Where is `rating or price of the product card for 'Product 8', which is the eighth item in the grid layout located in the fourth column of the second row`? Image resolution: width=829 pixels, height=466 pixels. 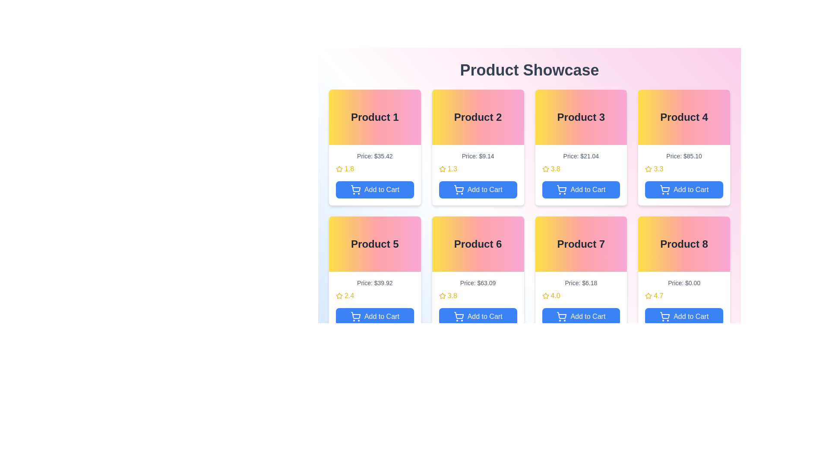
rating or price of the product card for 'Product 8', which is the eighth item in the grid layout located in the fourth column of the second row is located at coordinates (683, 274).